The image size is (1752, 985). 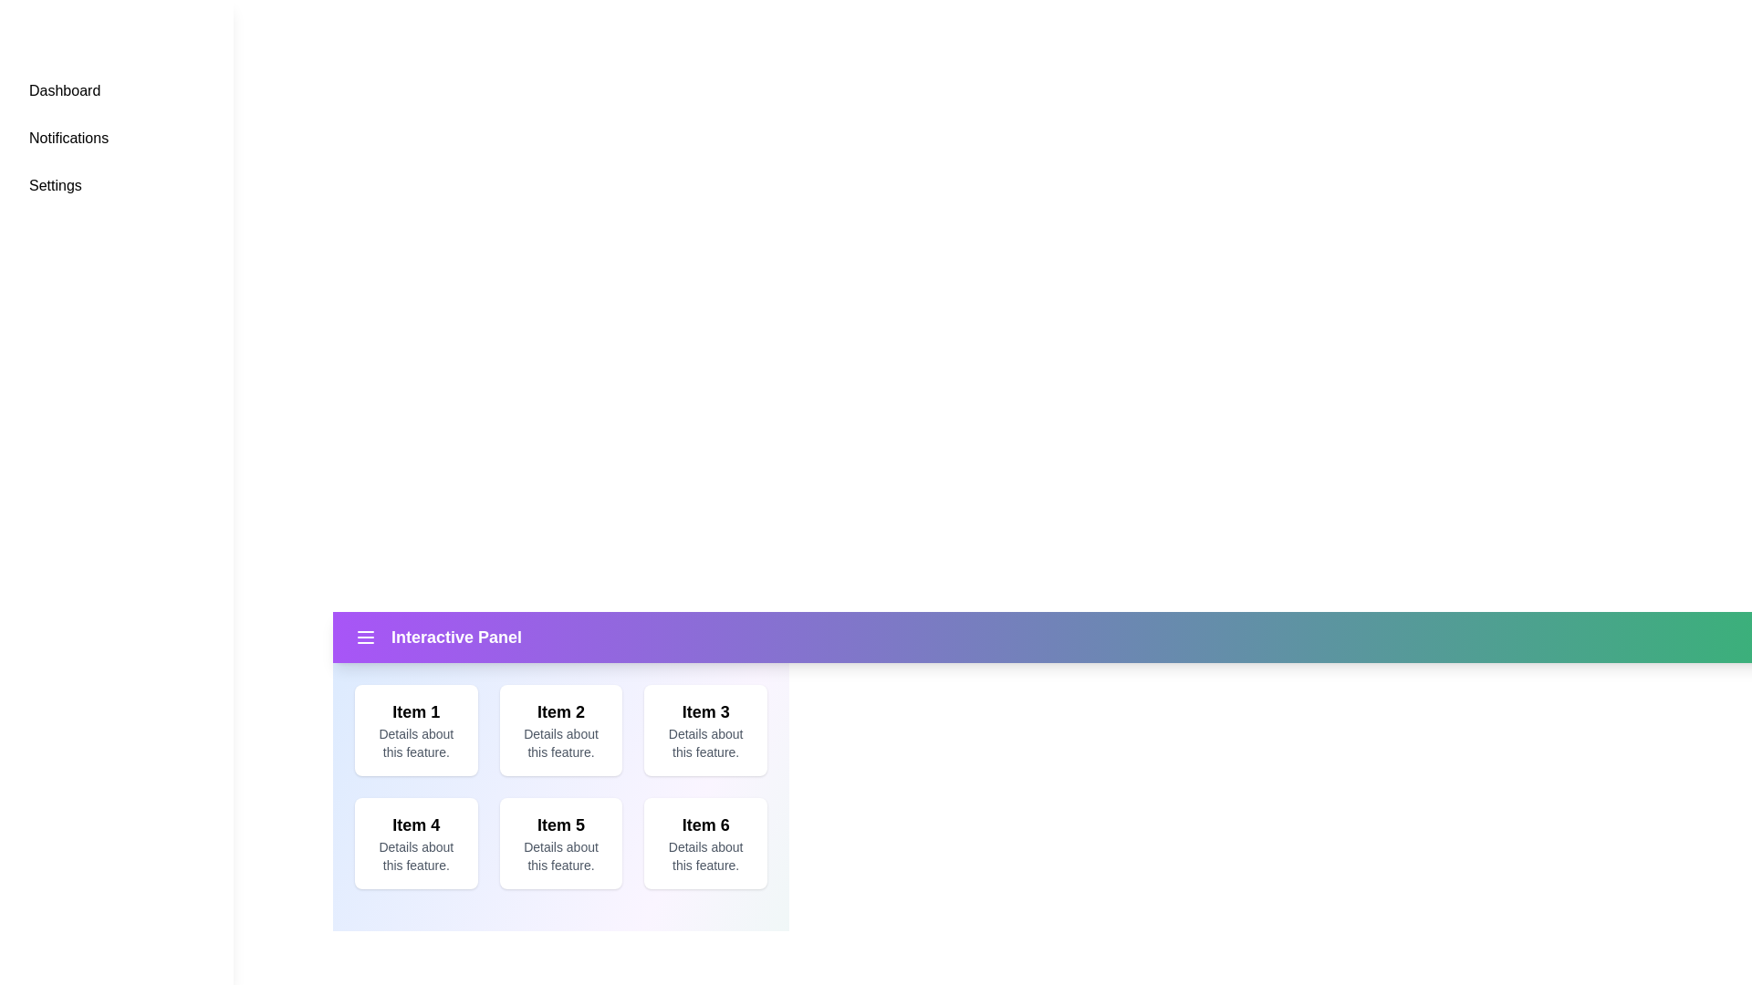 I want to click on properties of the clickable header element that combines a text label and a menu icon, located at the top left of the content area, so click(x=438, y=636).